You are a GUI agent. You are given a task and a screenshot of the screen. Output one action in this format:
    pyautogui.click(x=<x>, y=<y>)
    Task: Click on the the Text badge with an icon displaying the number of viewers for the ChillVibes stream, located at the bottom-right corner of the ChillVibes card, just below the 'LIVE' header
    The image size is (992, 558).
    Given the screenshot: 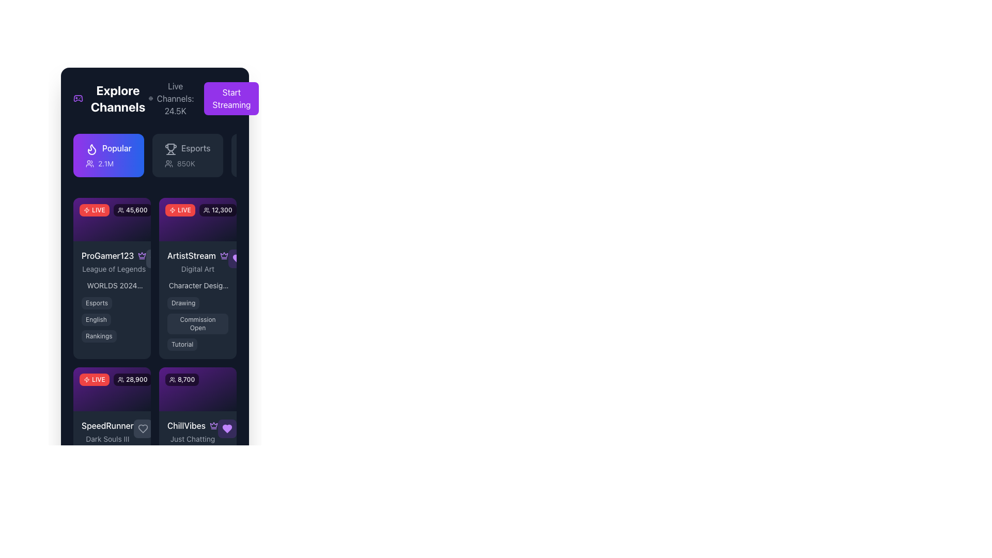 What is the action you would take?
    pyautogui.click(x=182, y=380)
    